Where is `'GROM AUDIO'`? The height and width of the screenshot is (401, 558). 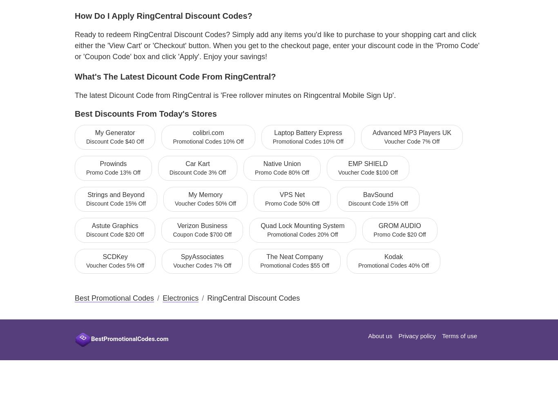 'GROM AUDIO' is located at coordinates (400, 225).